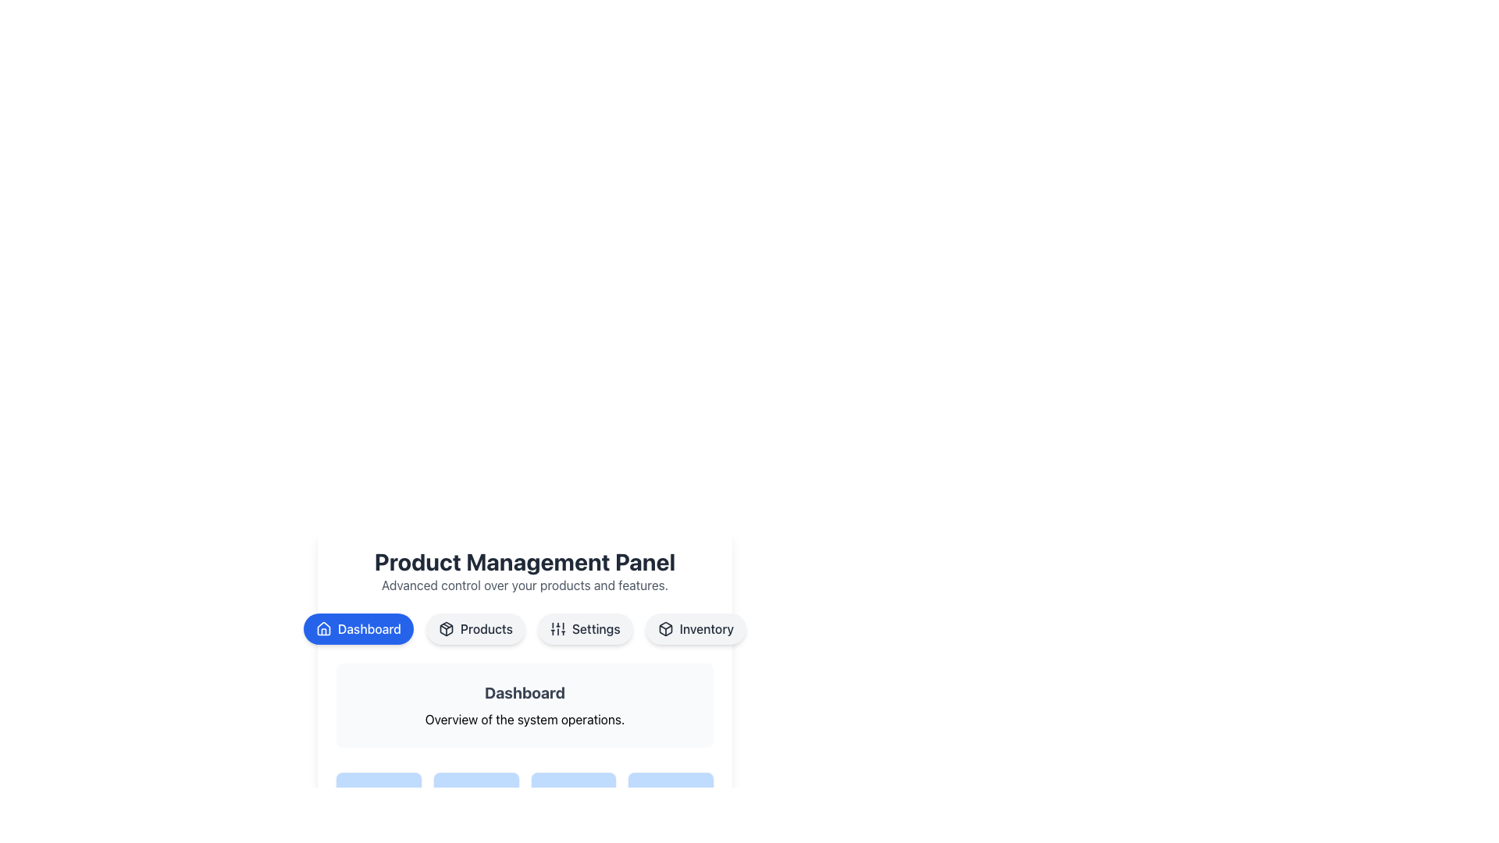  What do you see at coordinates (322, 628) in the screenshot?
I see `the 'Dashboard' button that contains the icon representing 'Dashboard' located towards the left side of the button text` at bounding box center [322, 628].